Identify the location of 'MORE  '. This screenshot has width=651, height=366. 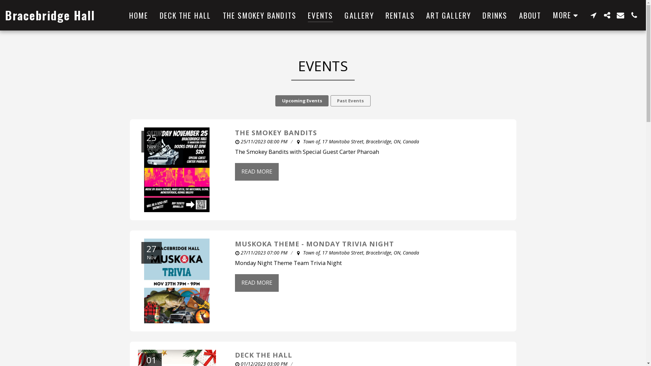
(567, 15).